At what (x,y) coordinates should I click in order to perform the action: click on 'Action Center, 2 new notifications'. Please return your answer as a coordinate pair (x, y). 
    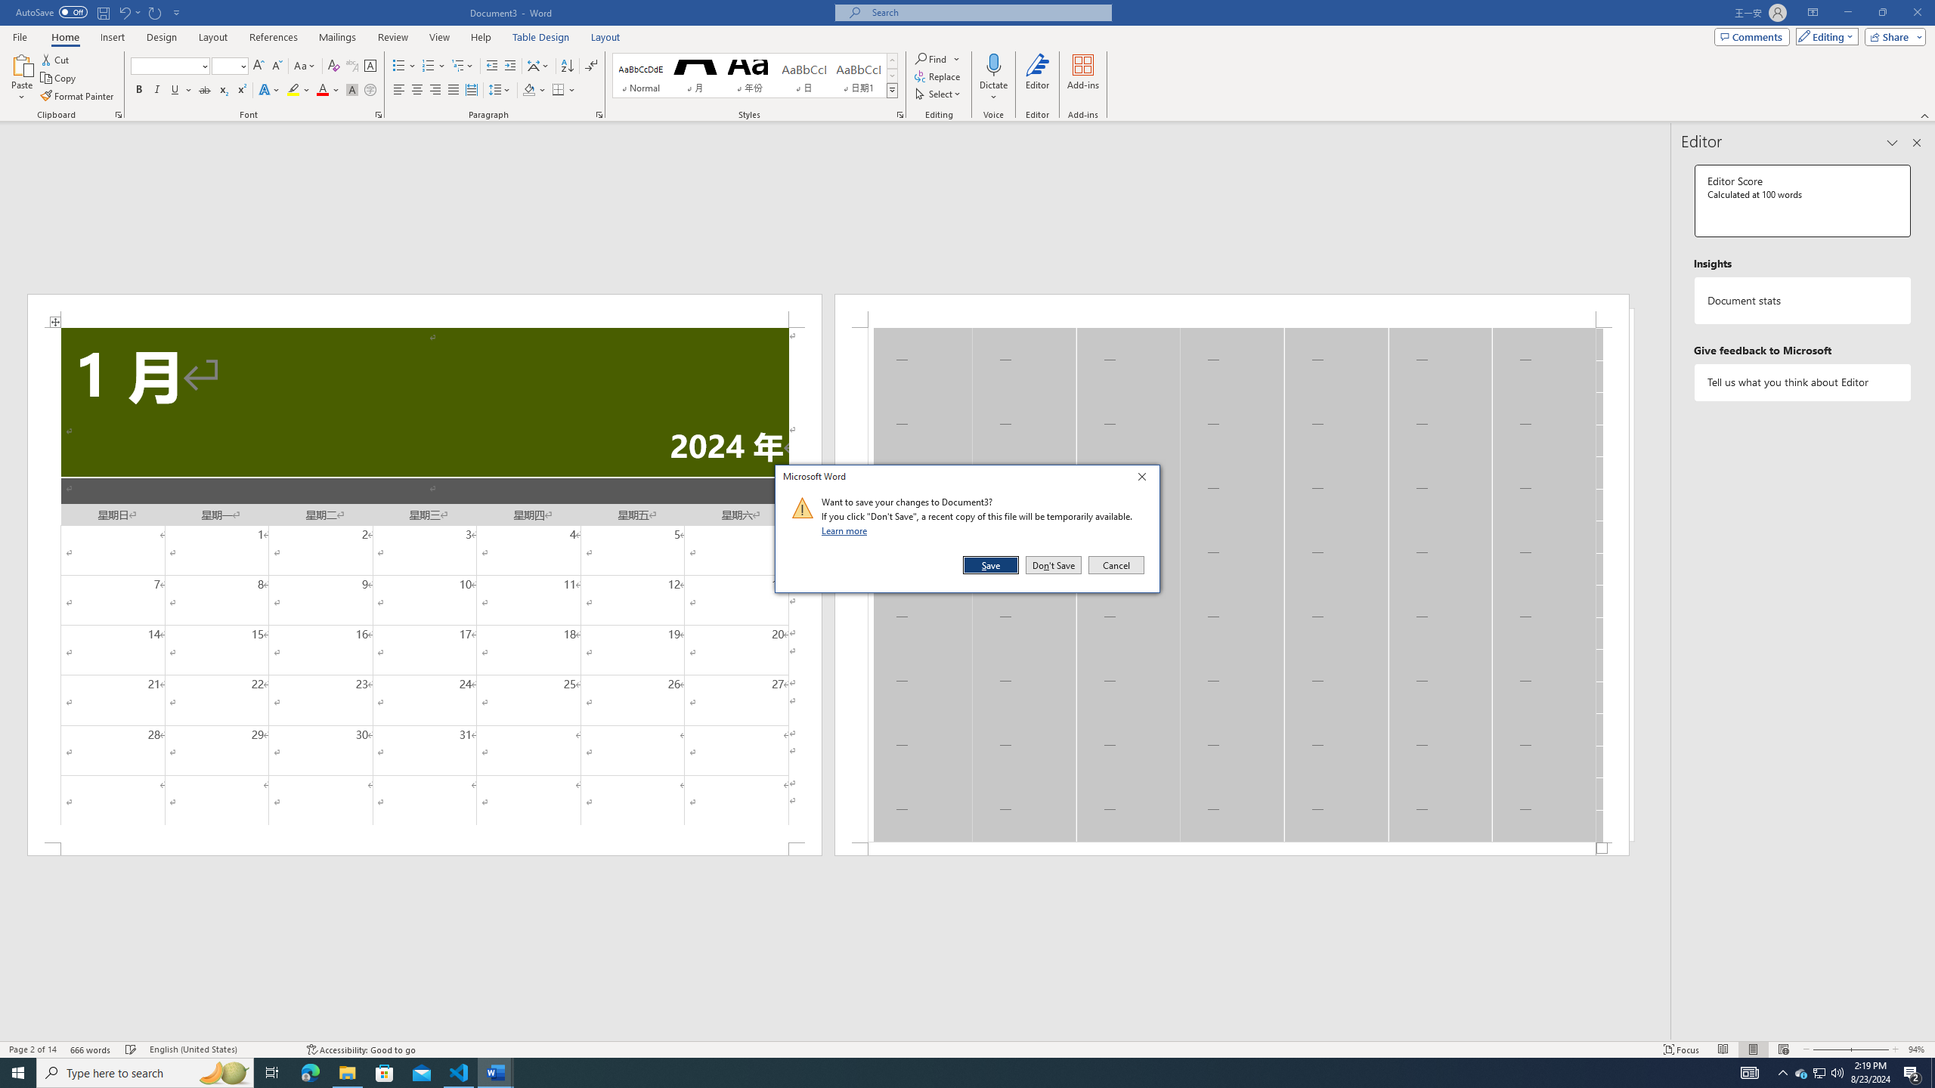
    Looking at the image, I should click on (1912, 1071).